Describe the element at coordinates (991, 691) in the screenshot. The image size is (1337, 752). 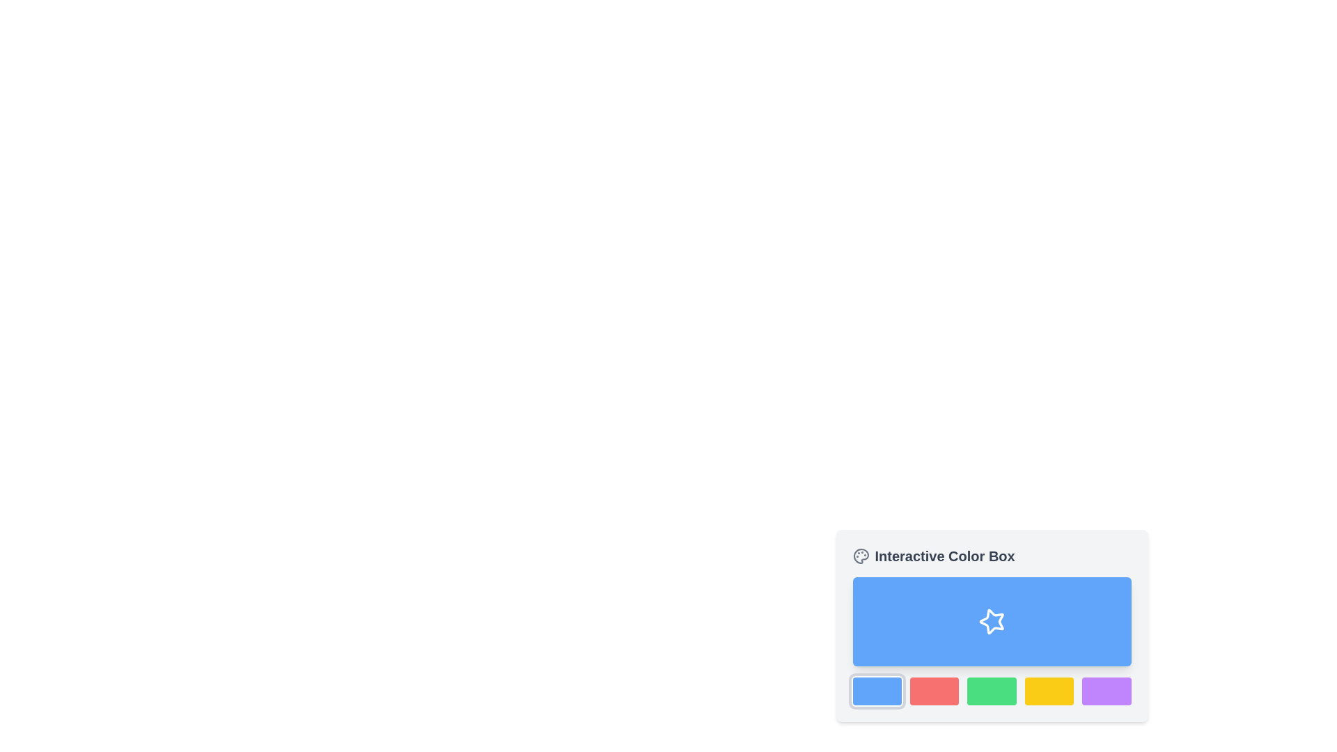
I see `keyboard navigation` at that location.